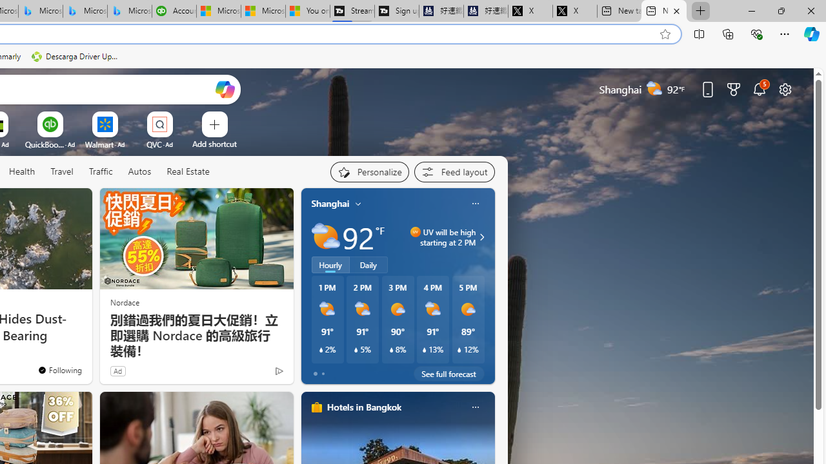 The width and height of the screenshot is (826, 464). I want to click on 'My location', so click(358, 203).